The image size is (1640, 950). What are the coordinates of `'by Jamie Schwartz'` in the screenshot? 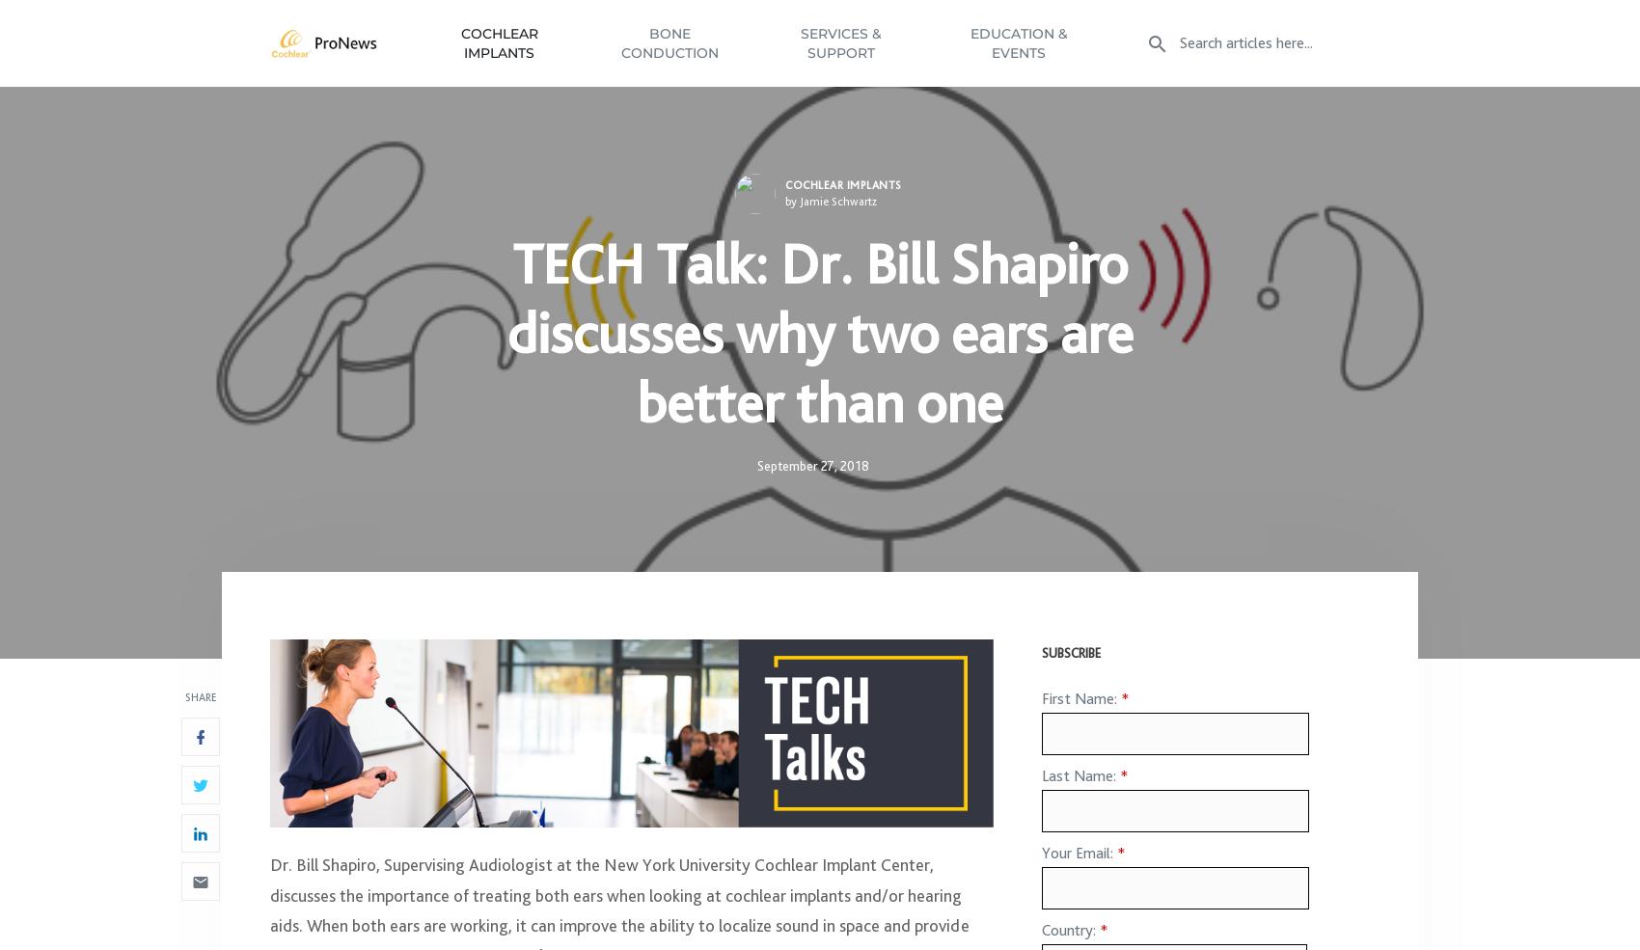 It's located at (831, 209).